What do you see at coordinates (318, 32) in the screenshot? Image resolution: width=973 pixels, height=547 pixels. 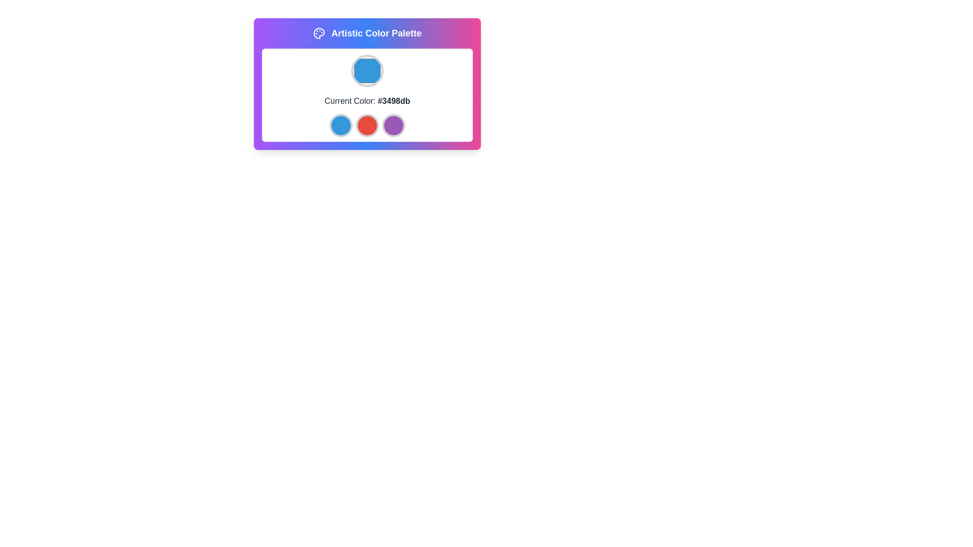 I see `the circular painter's palette icon, which has smaller circular details representing paint blobs, located to the left of the 'Artistic Color Palette' text at the top of the card` at bounding box center [318, 32].